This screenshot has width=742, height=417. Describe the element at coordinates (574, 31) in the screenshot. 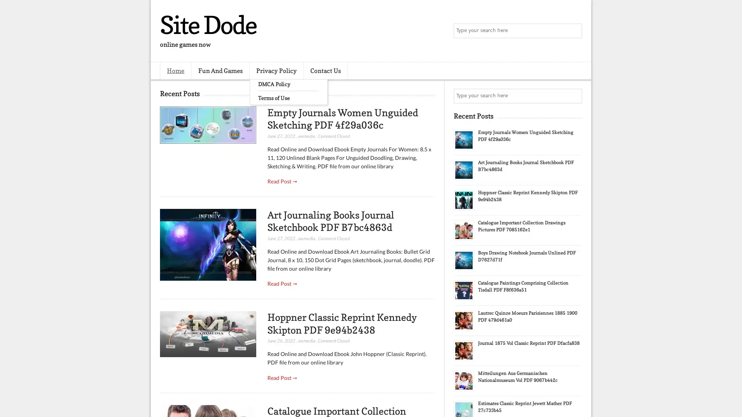

I see `Search` at that location.